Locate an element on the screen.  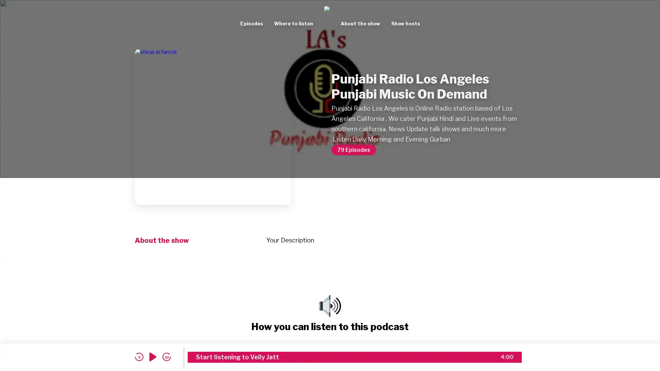
play audio is located at coordinates (153, 357).